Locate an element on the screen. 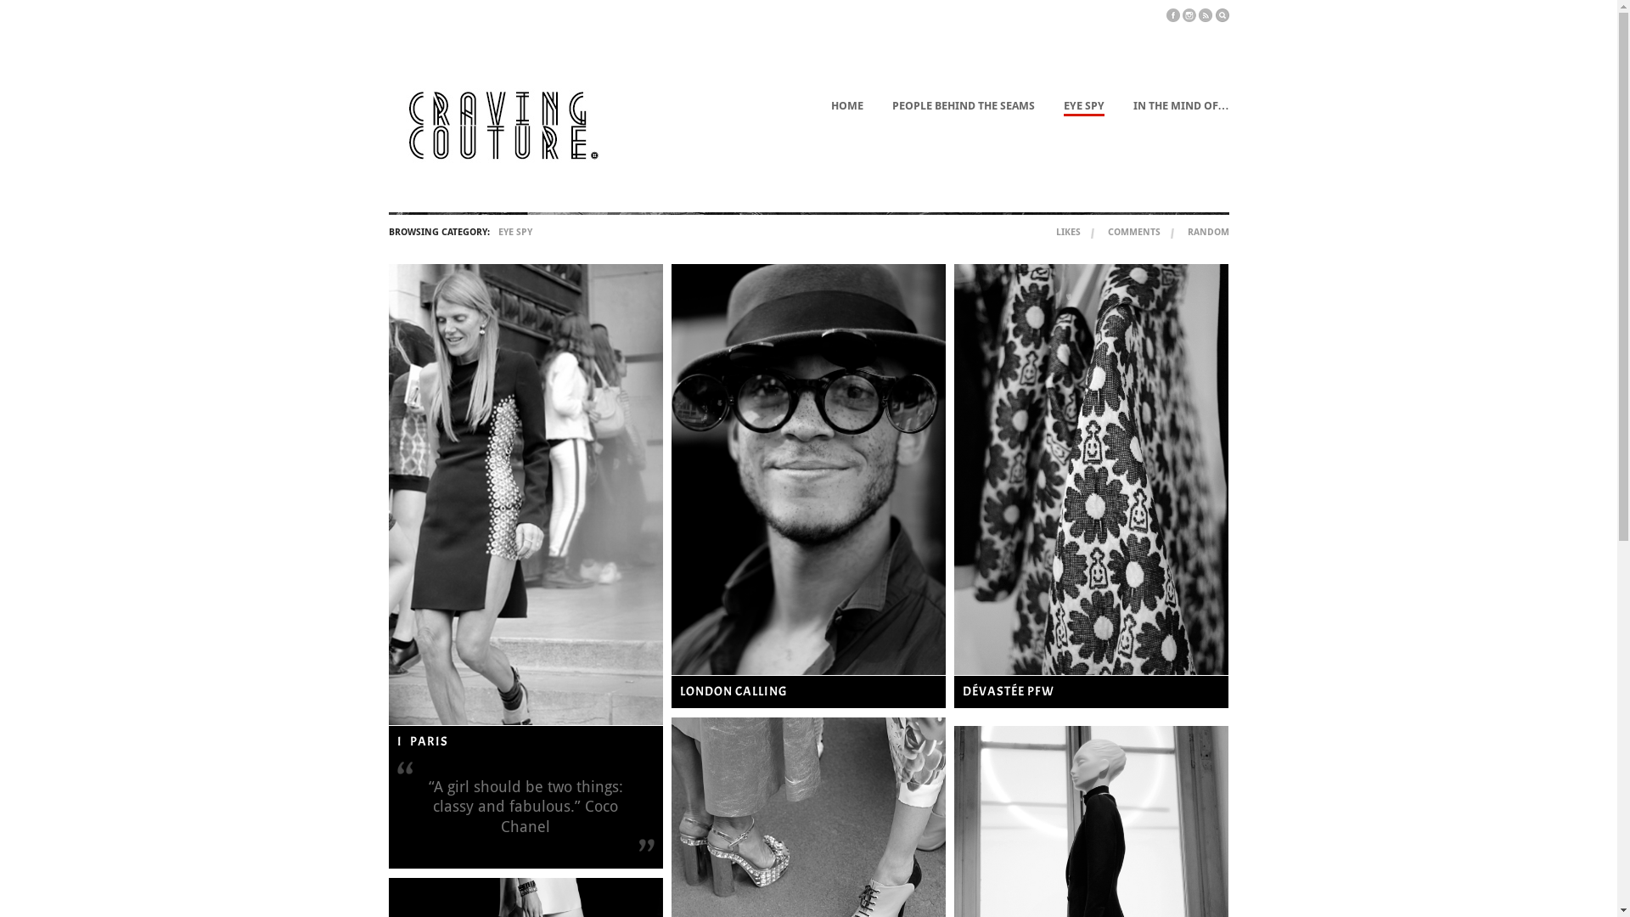  'COMMENTS' is located at coordinates (1107, 232).